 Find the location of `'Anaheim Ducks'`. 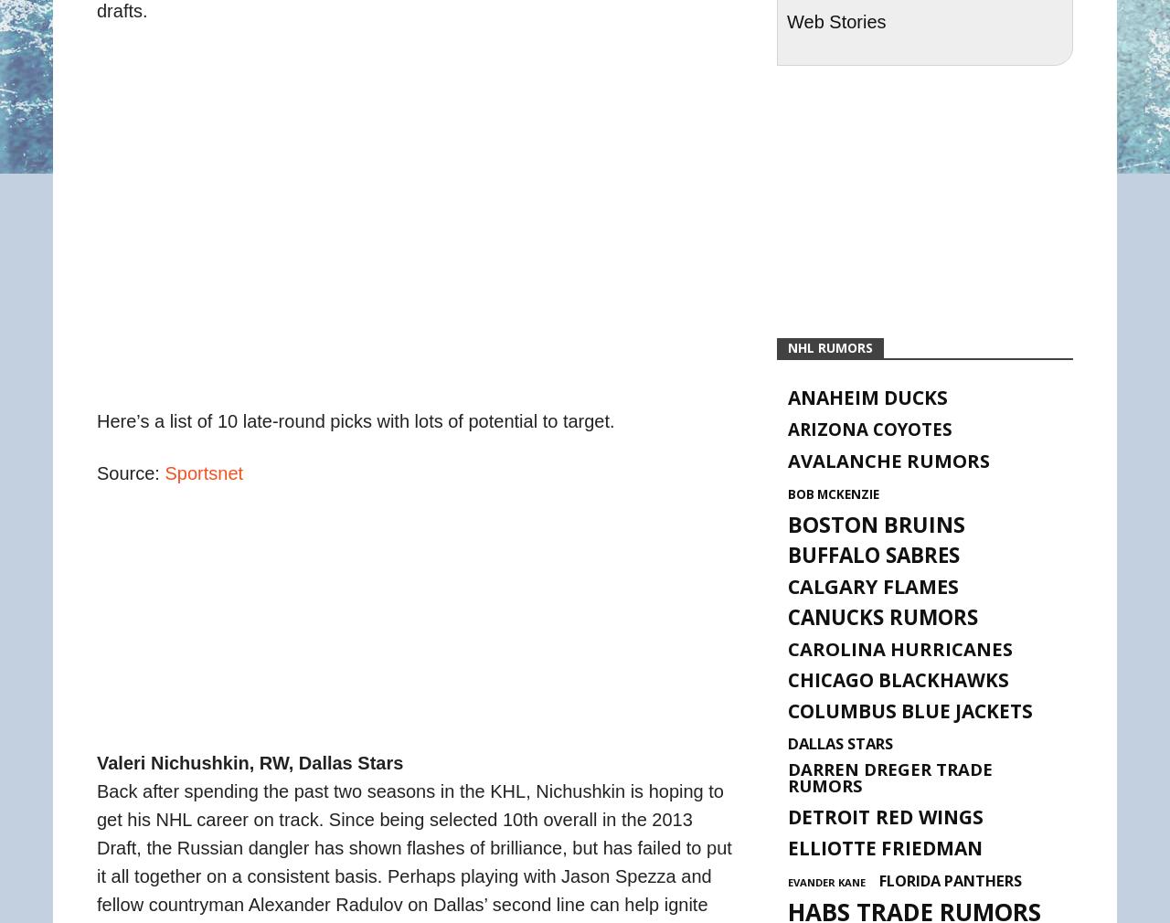

'Anaheim Ducks' is located at coordinates (867, 398).